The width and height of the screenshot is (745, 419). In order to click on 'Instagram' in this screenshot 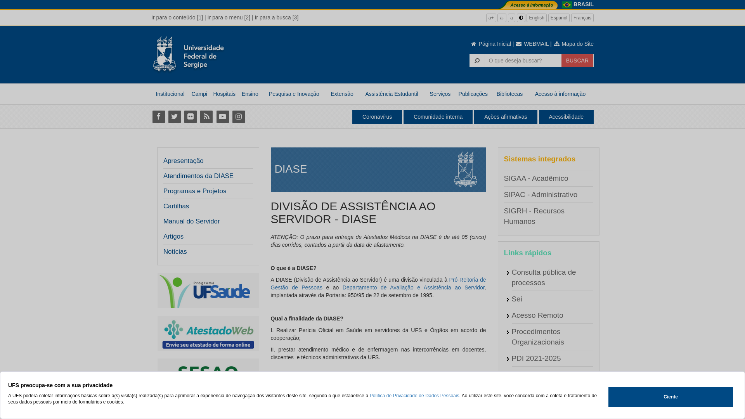, I will do `click(238, 116)`.